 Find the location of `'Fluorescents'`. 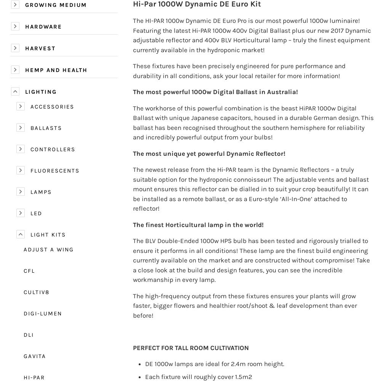

'Fluorescents' is located at coordinates (55, 170).